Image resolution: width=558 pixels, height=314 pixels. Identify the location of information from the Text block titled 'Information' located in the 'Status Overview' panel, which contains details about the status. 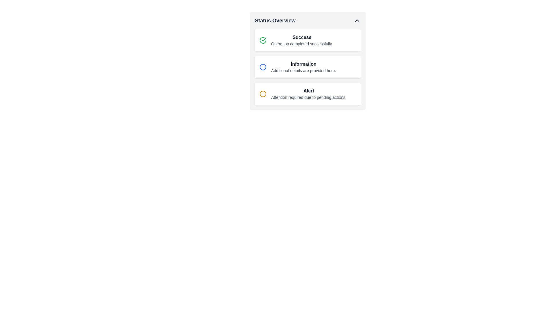
(303, 67).